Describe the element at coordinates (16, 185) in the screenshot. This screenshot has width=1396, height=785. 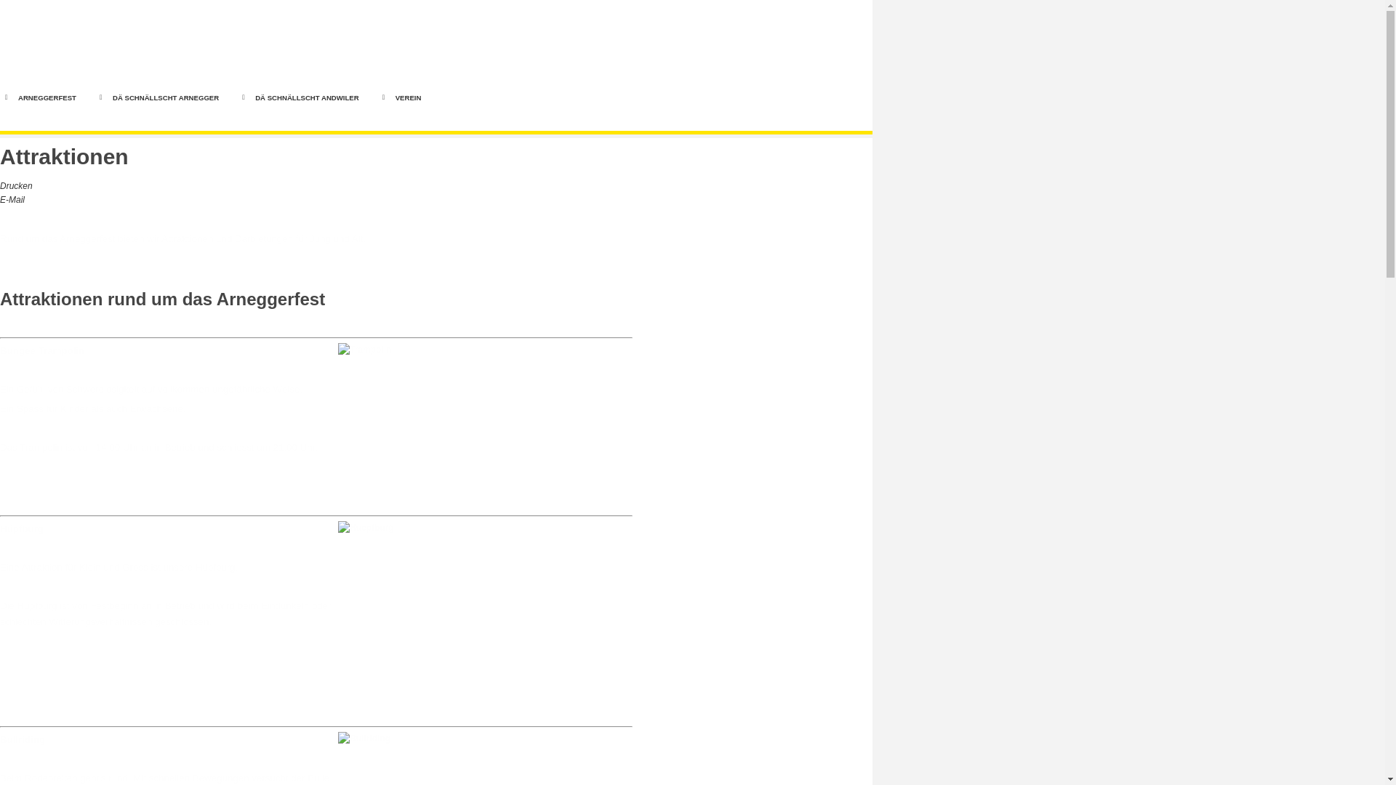
I see `'Drucken'` at that location.